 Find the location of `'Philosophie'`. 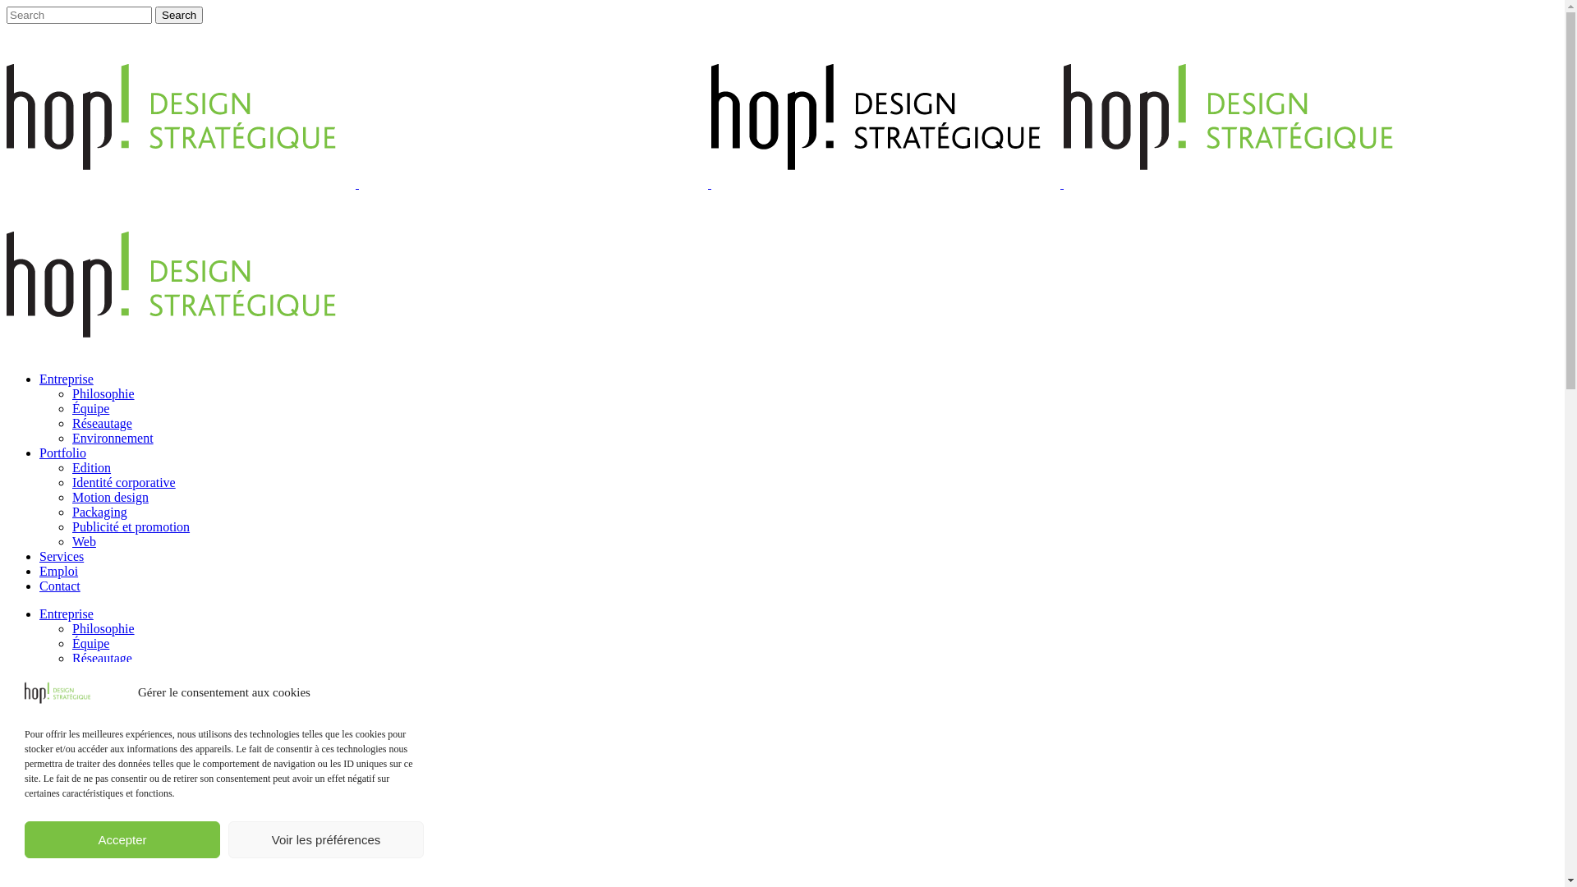

'Philosophie' is located at coordinates (71, 393).